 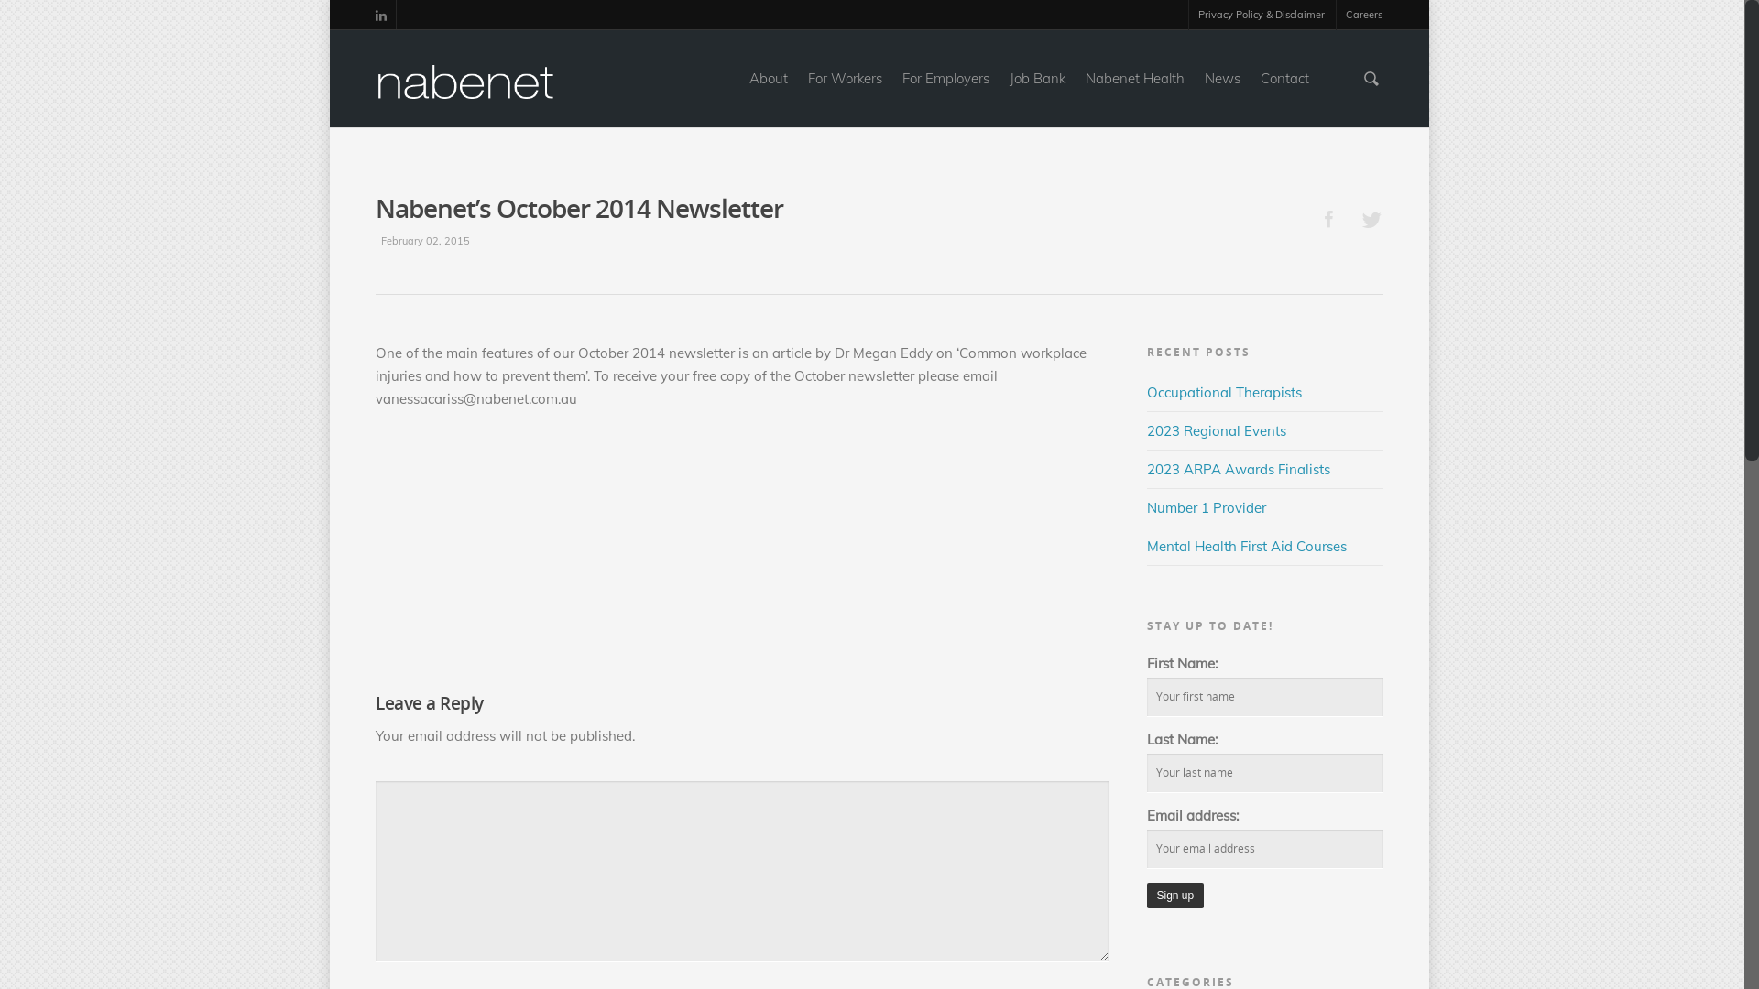 What do you see at coordinates (1224, 390) in the screenshot?
I see `'Occupational Therapists'` at bounding box center [1224, 390].